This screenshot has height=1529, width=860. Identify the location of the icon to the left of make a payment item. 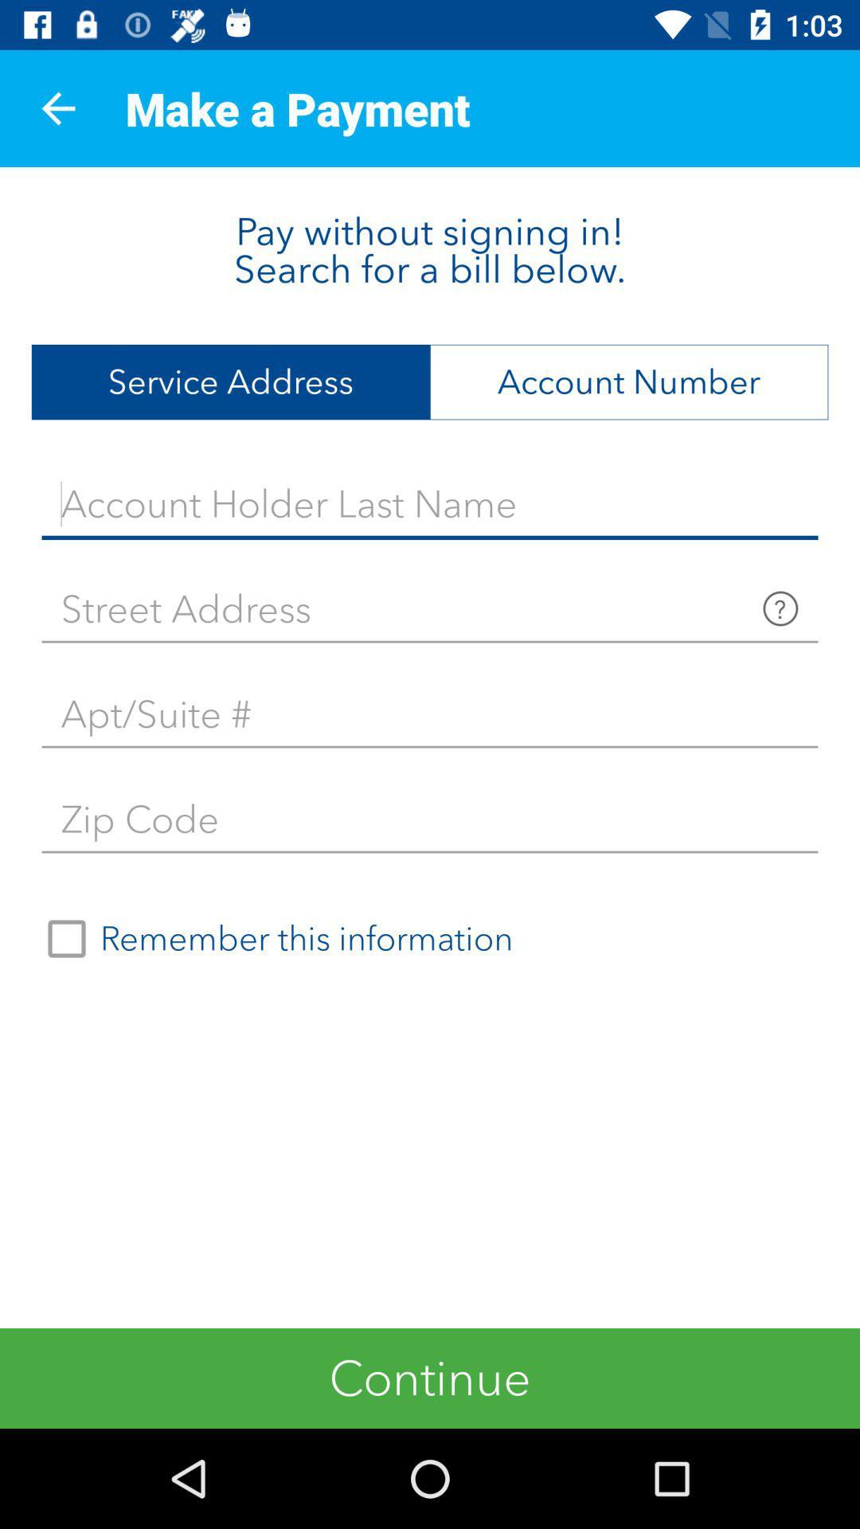
(57, 108).